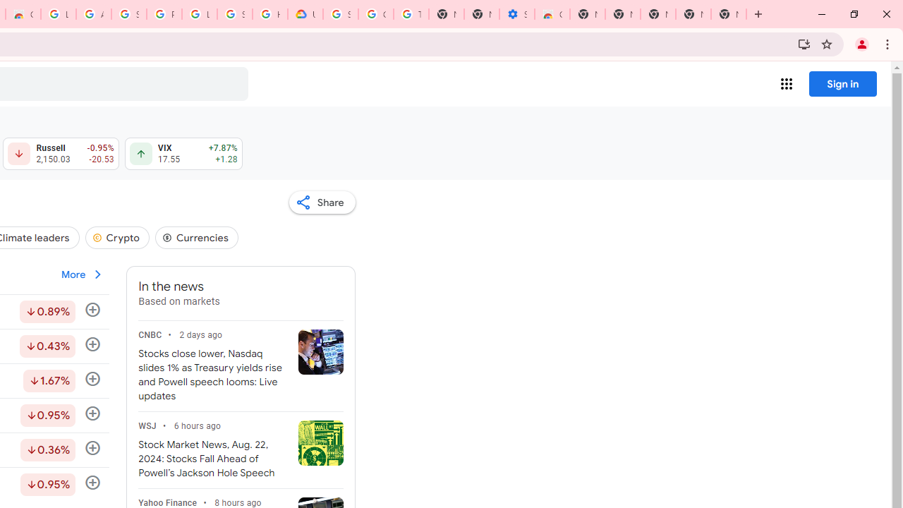  I want to click on 'Currencies', so click(196, 236).